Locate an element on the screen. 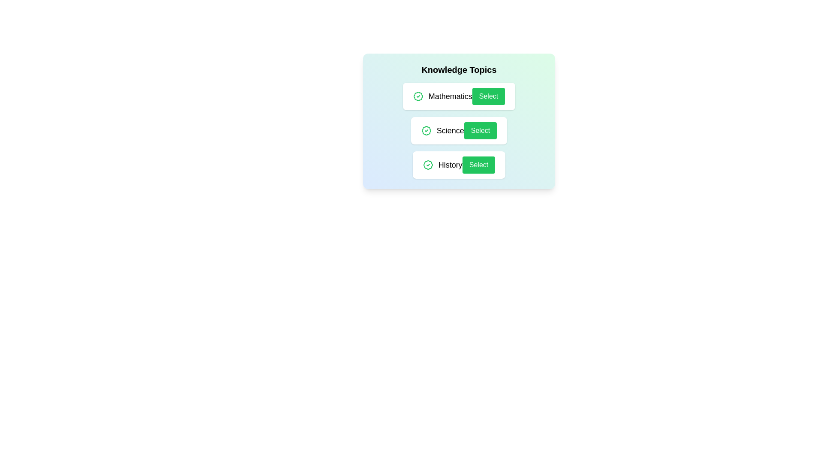  the topic entry for History is located at coordinates (458, 165).